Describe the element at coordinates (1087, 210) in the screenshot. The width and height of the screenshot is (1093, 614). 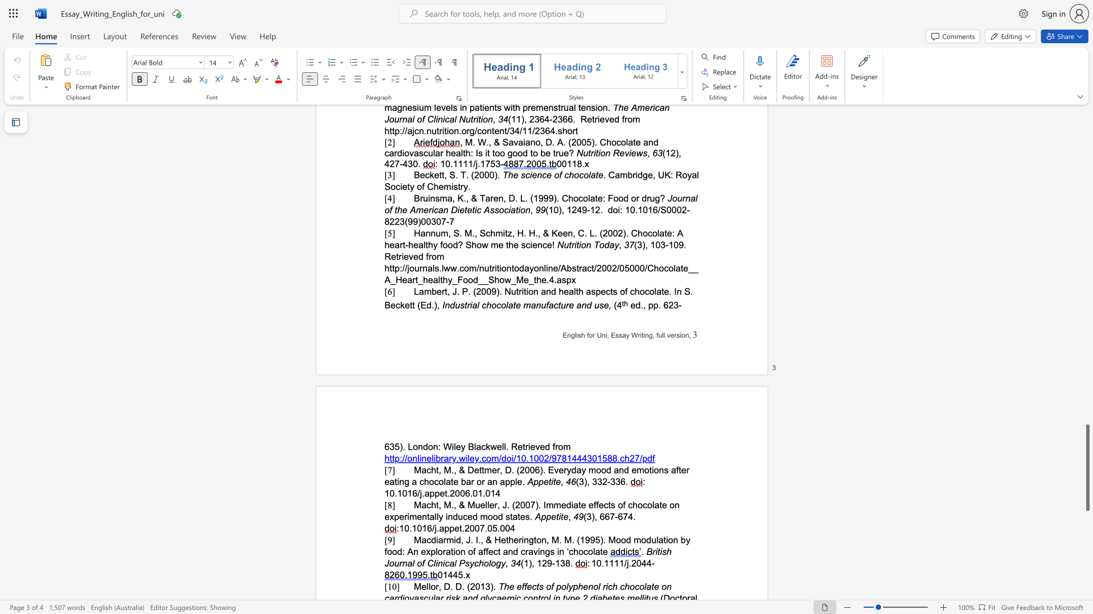
I see `the scrollbar on the side` at that location.